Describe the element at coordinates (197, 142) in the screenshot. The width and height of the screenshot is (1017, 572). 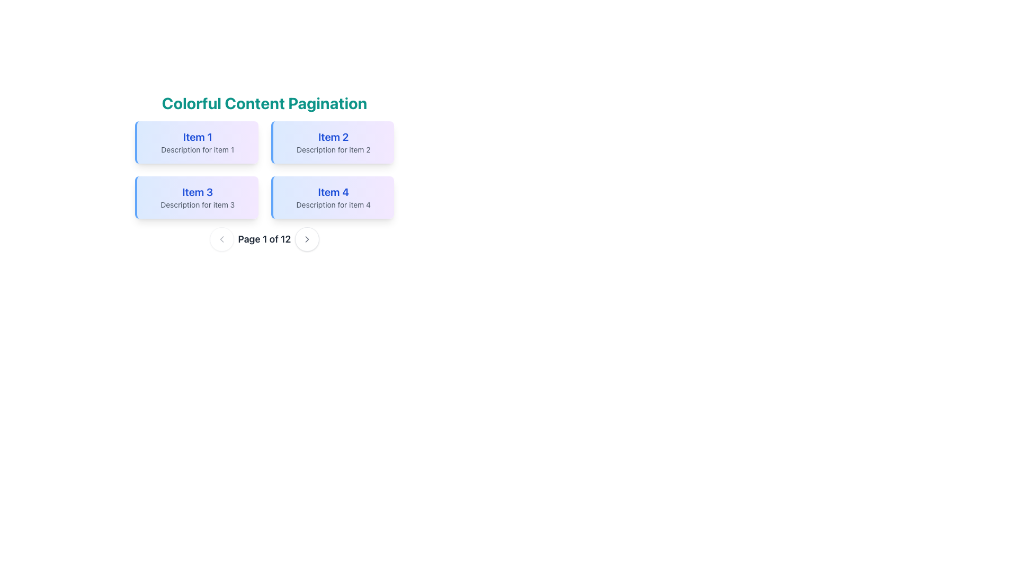
I see `the first card component in the grid layout with a gradient background, containing the title 'Item 1' and description 'Description for item 1'` at that location.